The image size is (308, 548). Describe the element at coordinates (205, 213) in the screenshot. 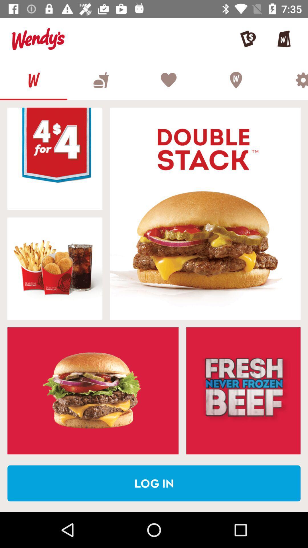

I see `food item` at that location.